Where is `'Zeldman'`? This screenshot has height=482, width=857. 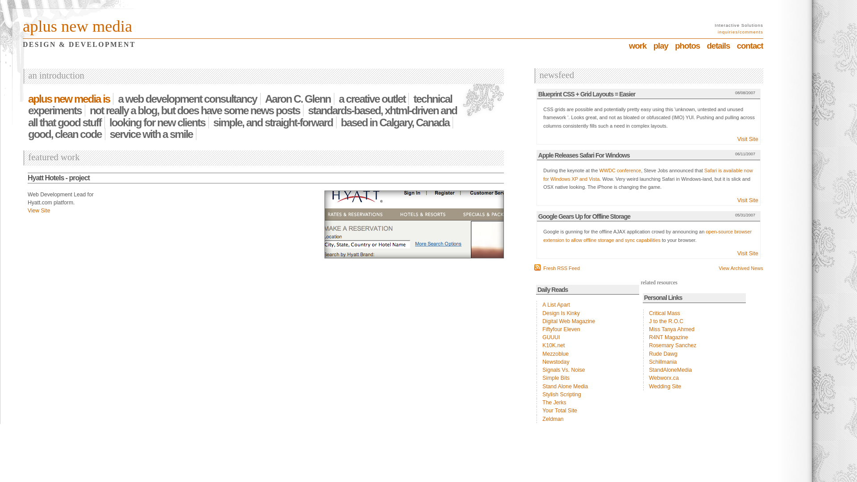
'Zeldman' is located at coordinates (587, 419).